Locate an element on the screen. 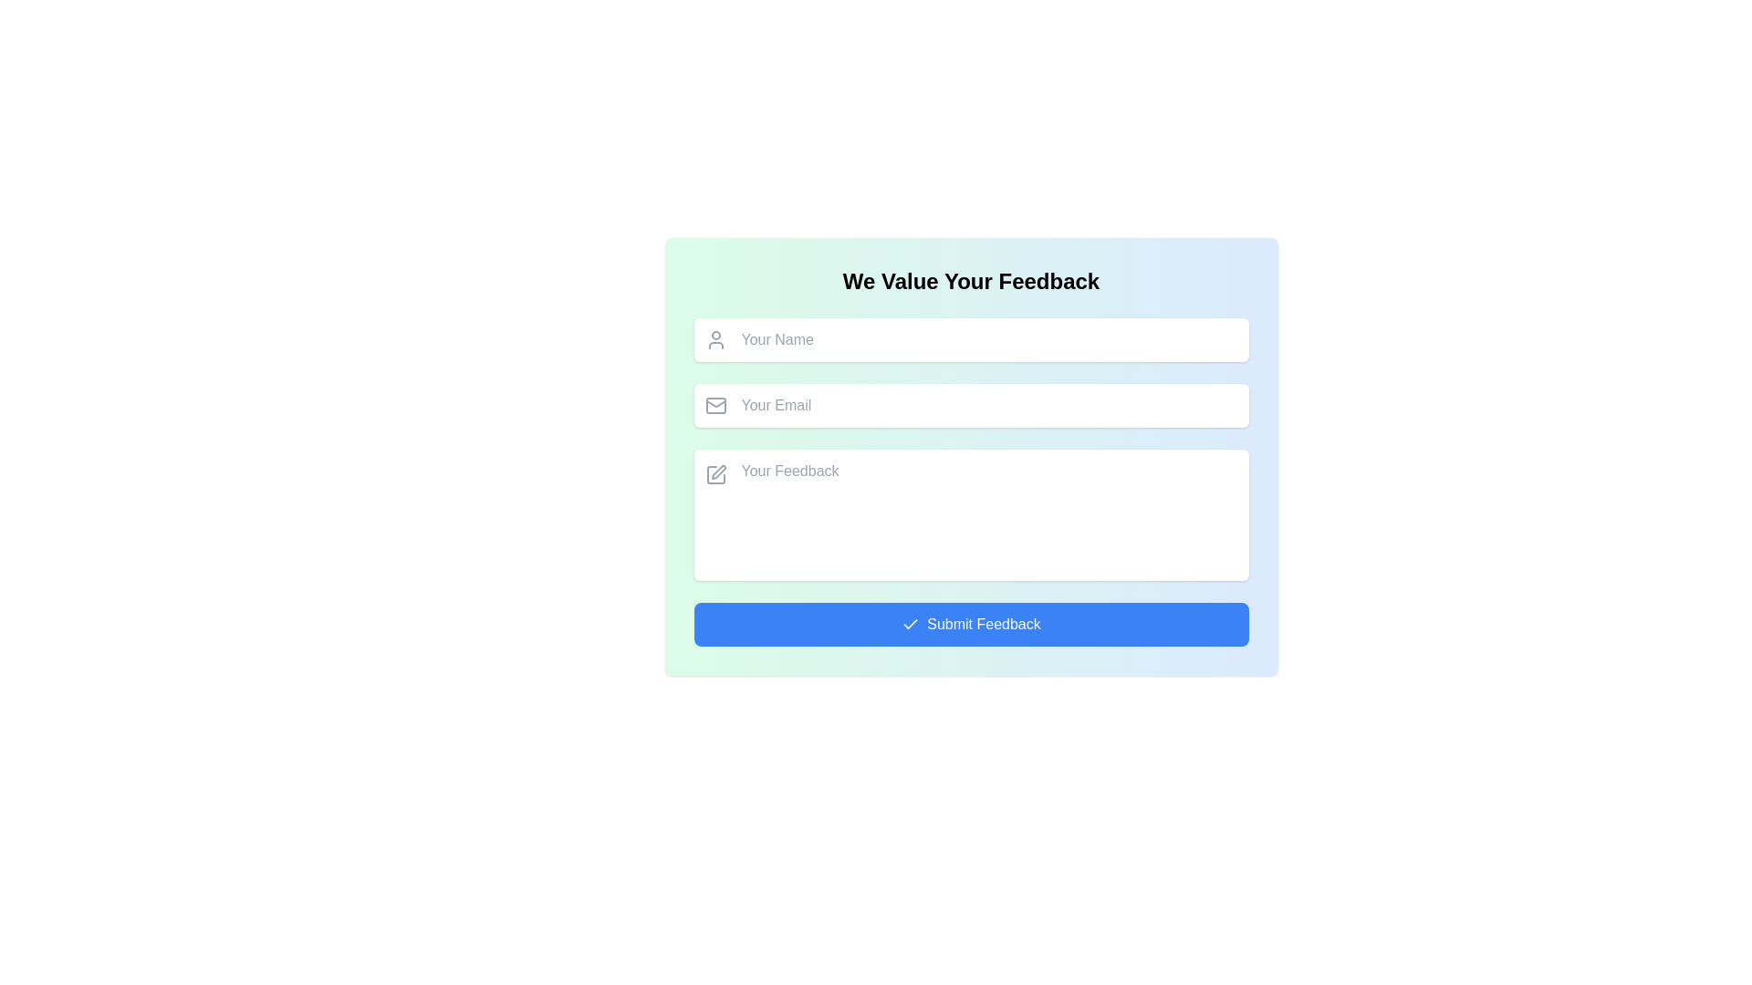  the gray envelope-shaped icon that suggests email association, located to the left of the email input text area is located at coordinates (714, 404).